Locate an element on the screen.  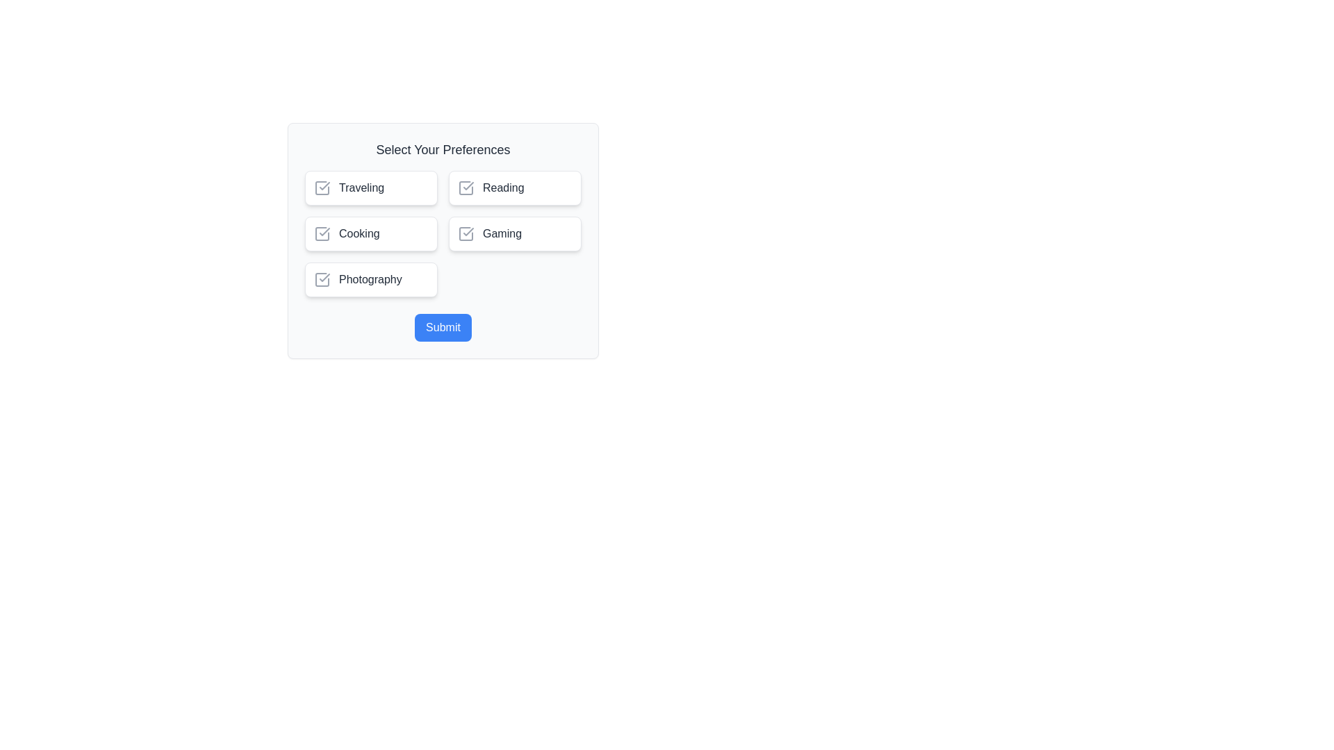
the rectangular border of the checkbox associated with the text 'Gaming', located in the fourth checkbox item in the second row is located at coordinates (466, 233).